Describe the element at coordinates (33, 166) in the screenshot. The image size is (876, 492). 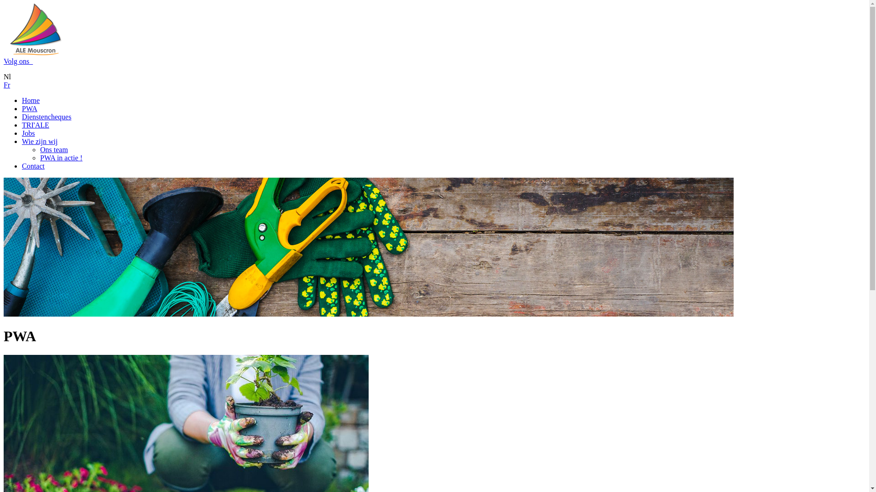
I see `'Contact'` at that location.